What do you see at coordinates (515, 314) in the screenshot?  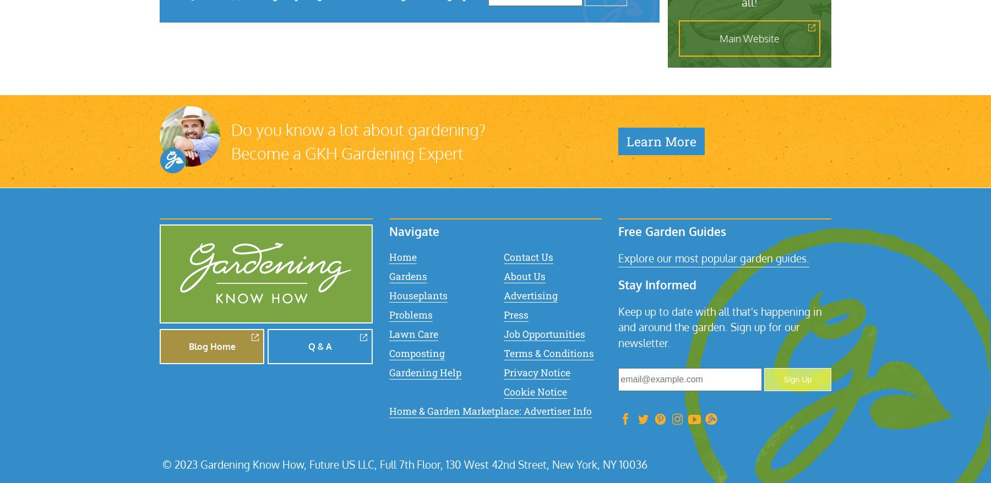 I see `'Press'` at bounding box center [515, 314].